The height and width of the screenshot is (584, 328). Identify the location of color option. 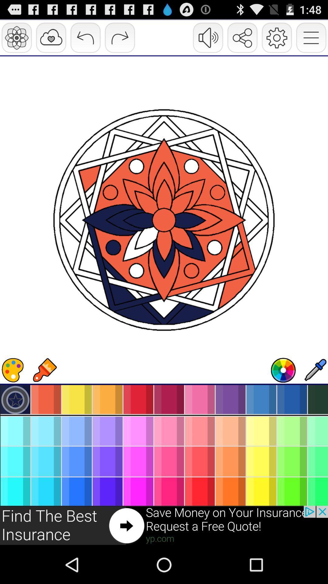
(13, 370).